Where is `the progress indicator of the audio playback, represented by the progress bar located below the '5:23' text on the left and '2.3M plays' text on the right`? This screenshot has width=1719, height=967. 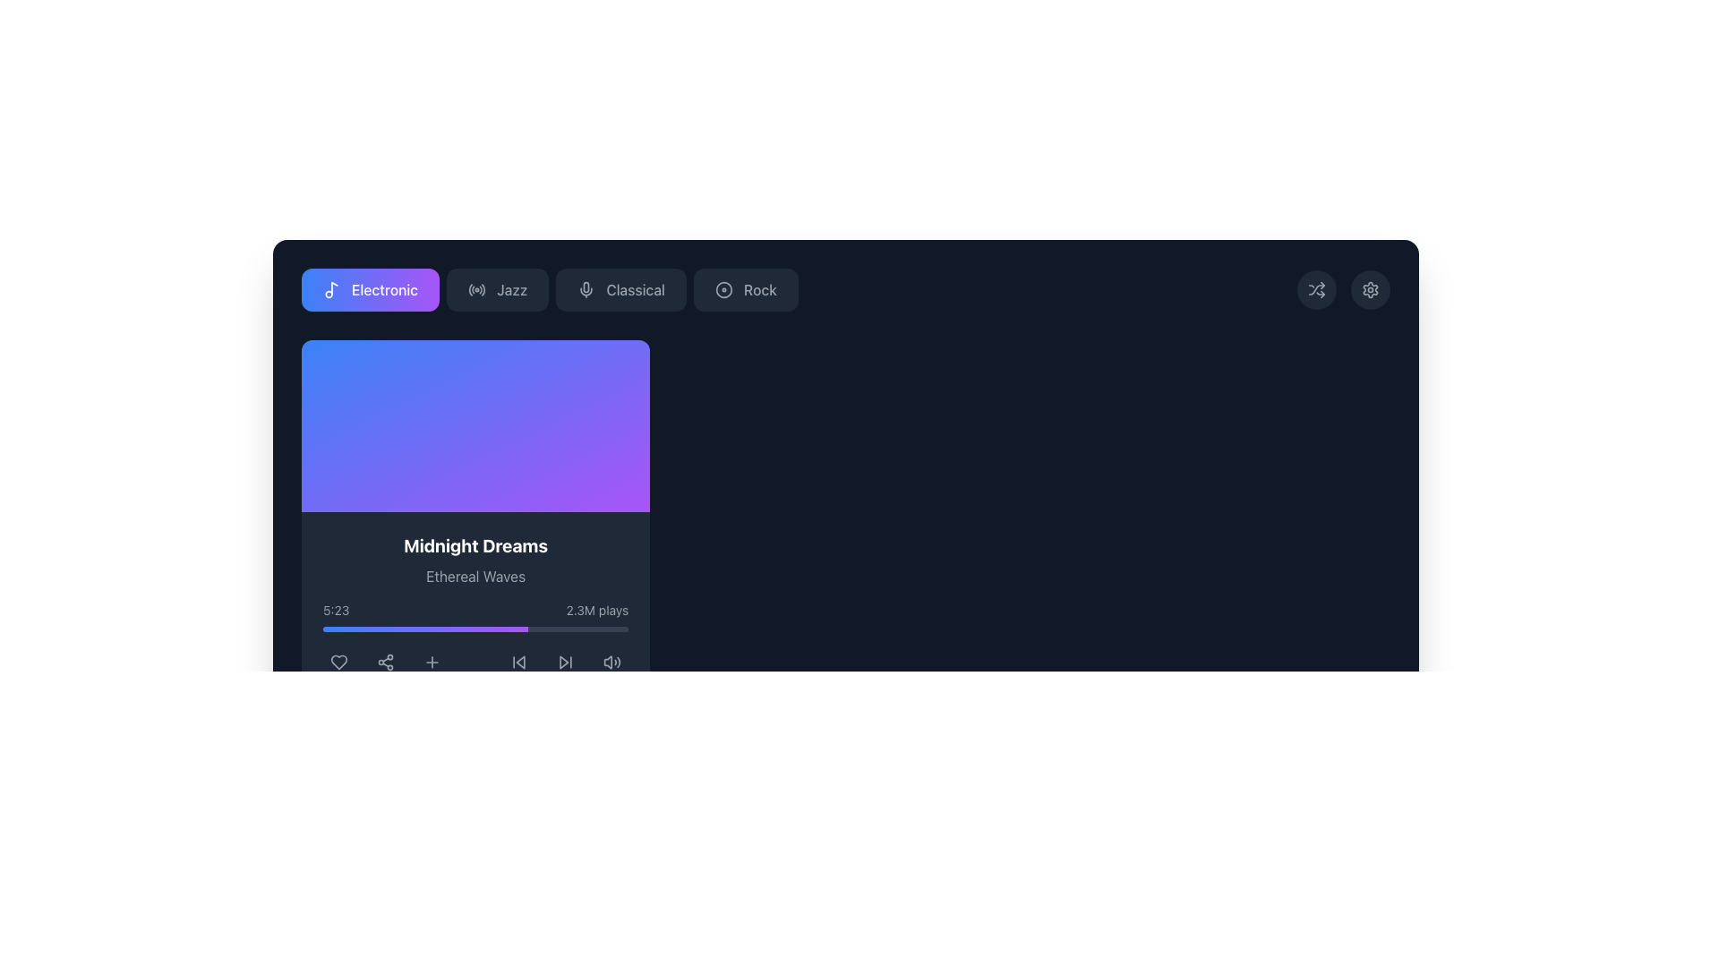 the progress indicator of the audio playback, represented by the progress bar located below the '5:23' text on the left and '2.3M plays' text on the right is located at coordinates (475, 628).